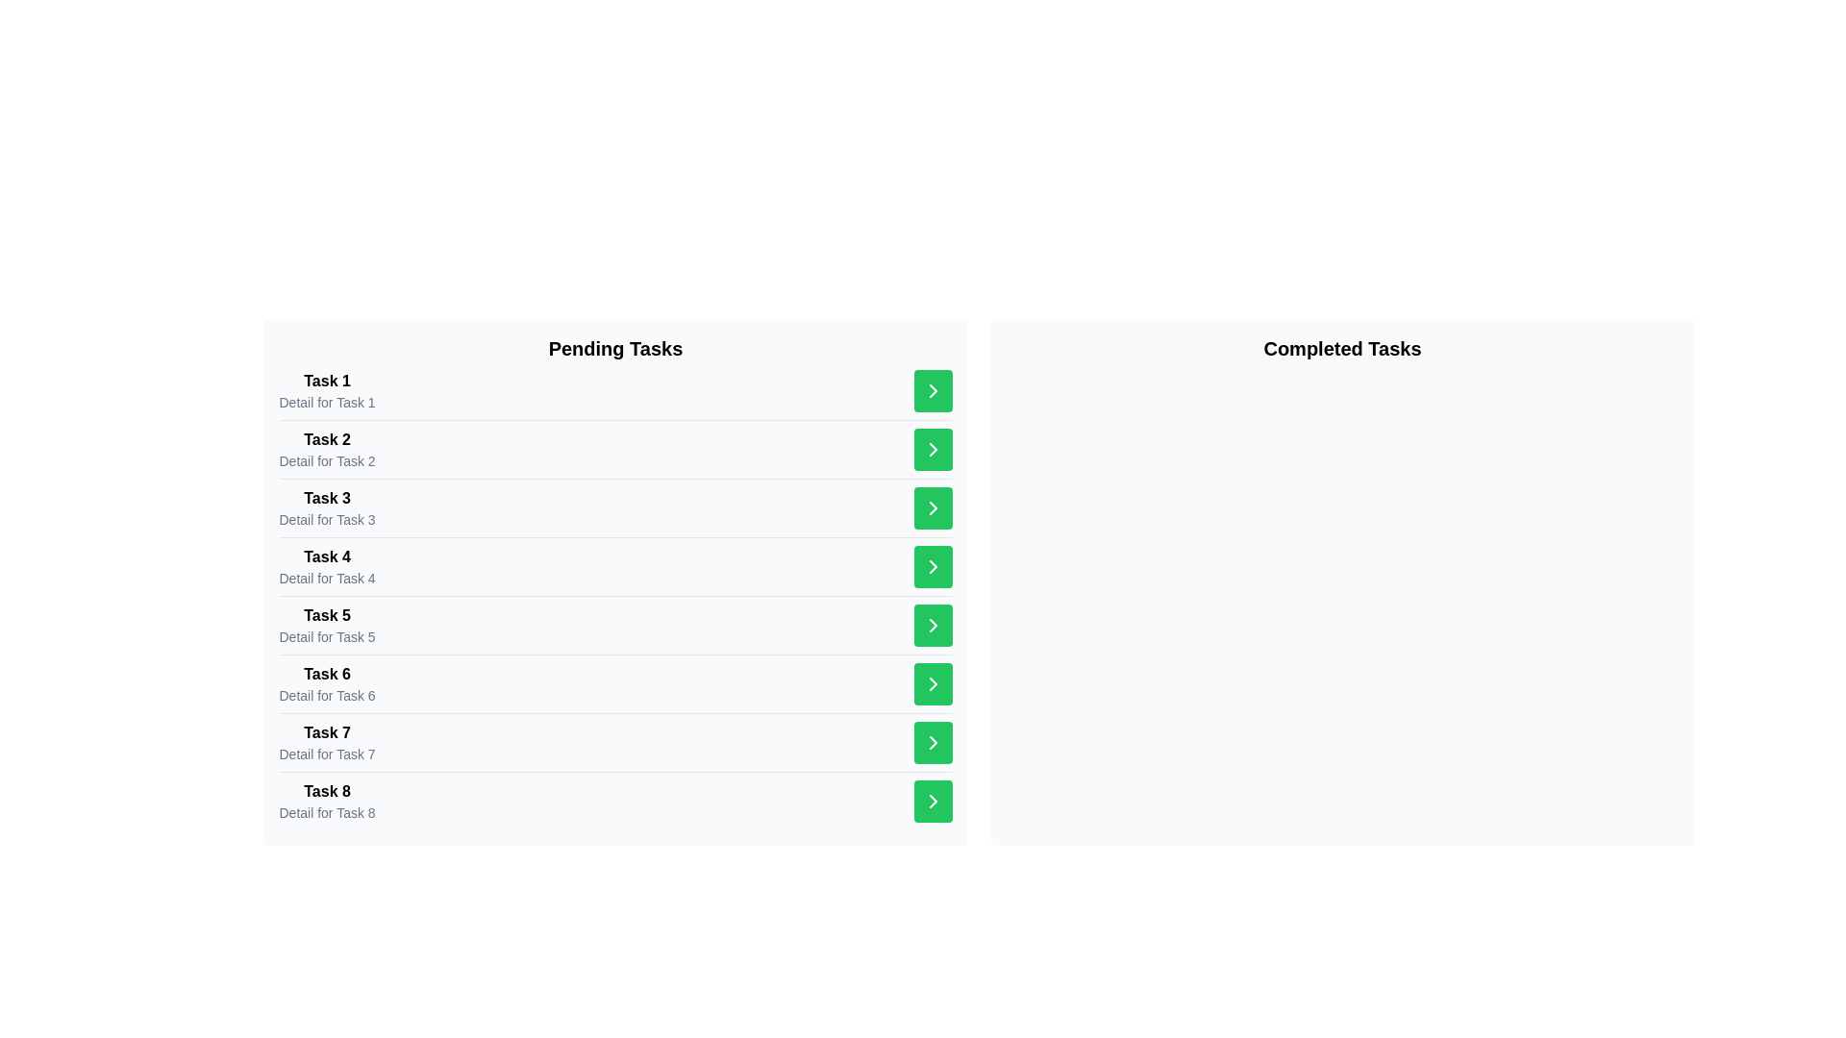  What do you see at coordinates (327, 696) in the screenshot?
I see `the text element that reads 'Detail for Task 6', which is located directly beneath the heading 'Task 6' in the 'Pending Tasks' section` at bounding box center [327, 696].